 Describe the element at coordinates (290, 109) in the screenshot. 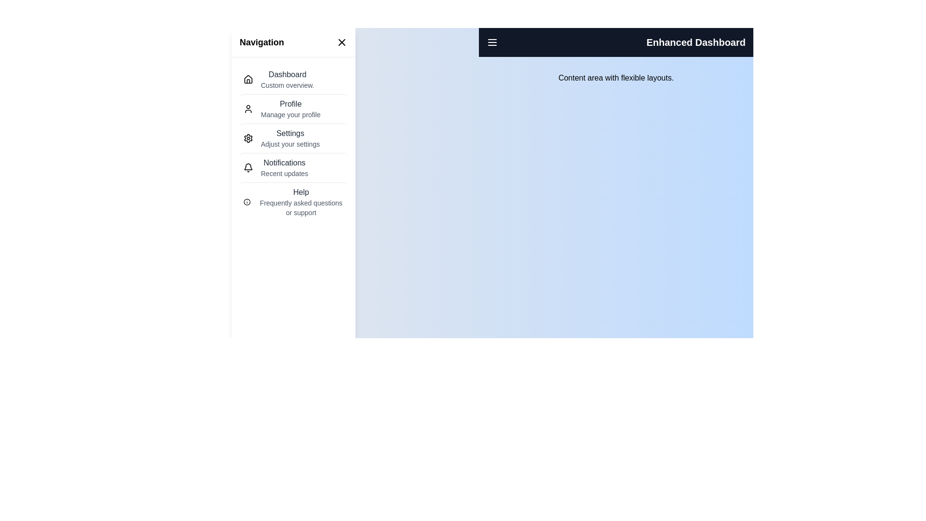

I see `the 'Manage your profile' text label, which is the second line of text in the profile section of the navigation menu` at that location.